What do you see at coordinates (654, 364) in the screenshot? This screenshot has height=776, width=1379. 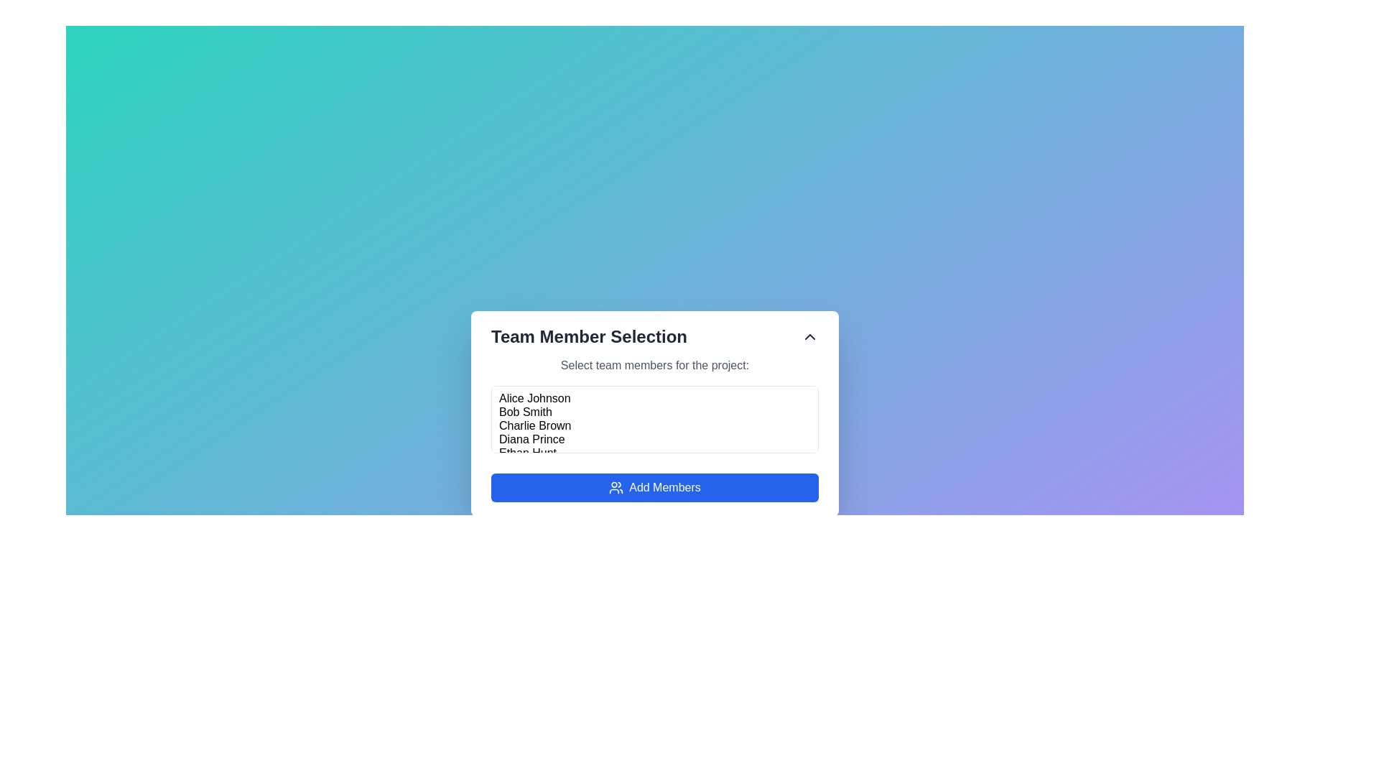 I see `the static text label that informs the user about the purpose of the multiselect list, located below the 'Team Member Selection' heading` at bounding box center [654, 364].